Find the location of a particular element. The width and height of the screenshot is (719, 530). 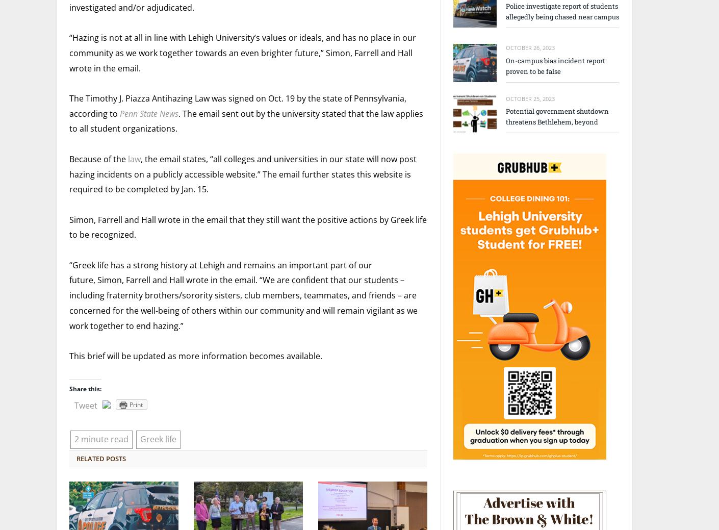

'Share this:' is located at coordinates (69, 388).